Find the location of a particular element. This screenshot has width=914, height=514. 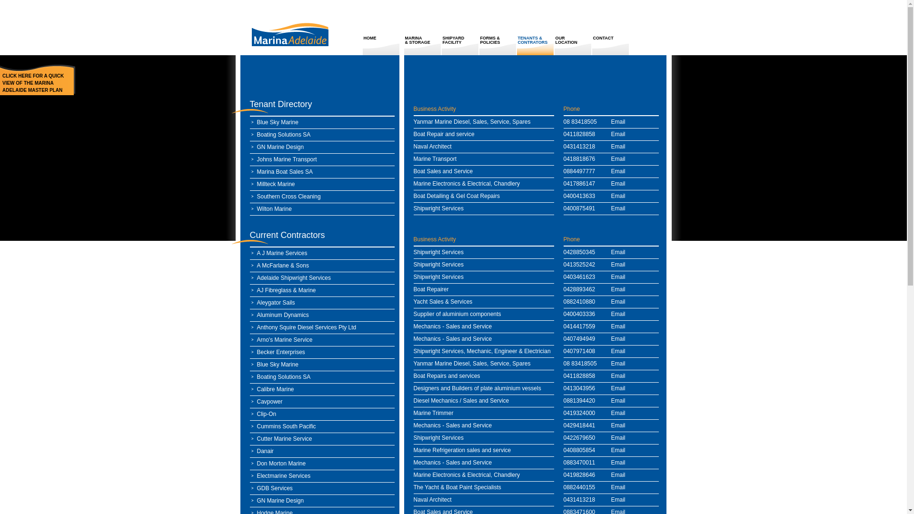

'Email' is located at coordinates (618, 438).